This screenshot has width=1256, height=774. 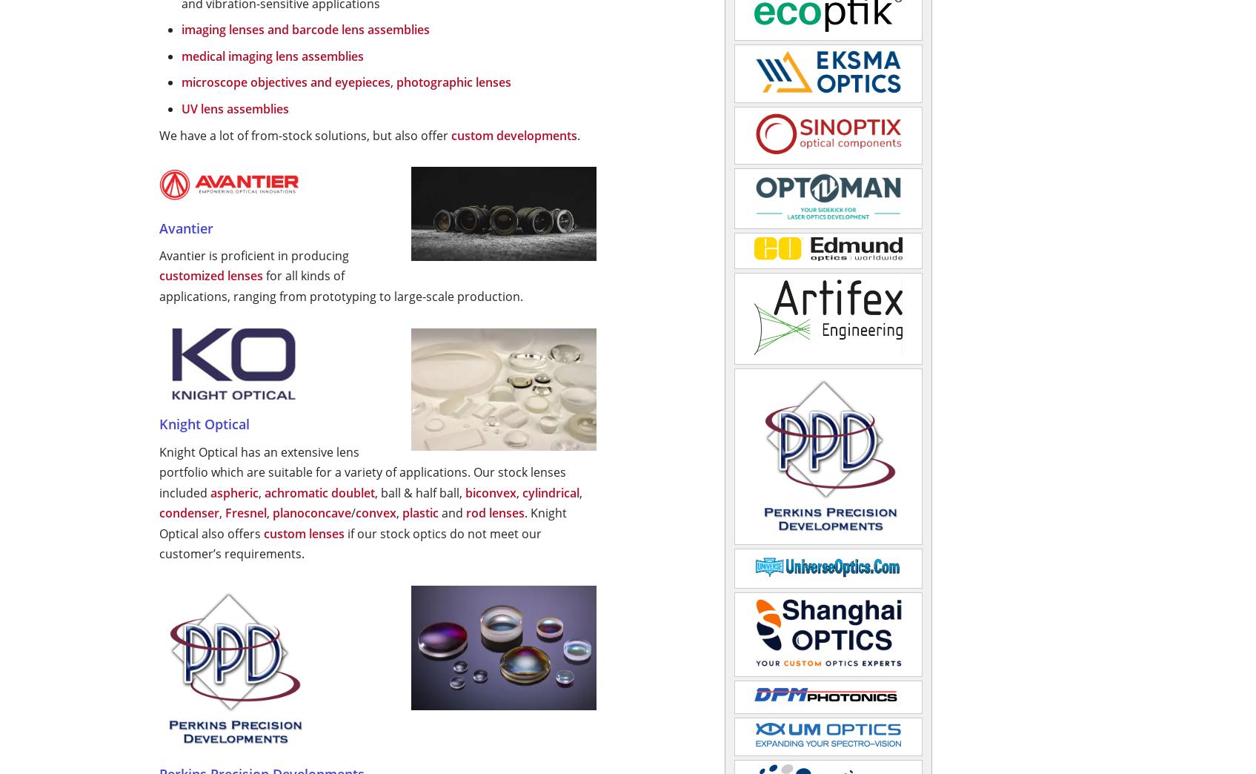 What do you see at coordinates (319, 491) in the screenshot?
I see `'achromatic doublet'` at bounding box center [319, 491].